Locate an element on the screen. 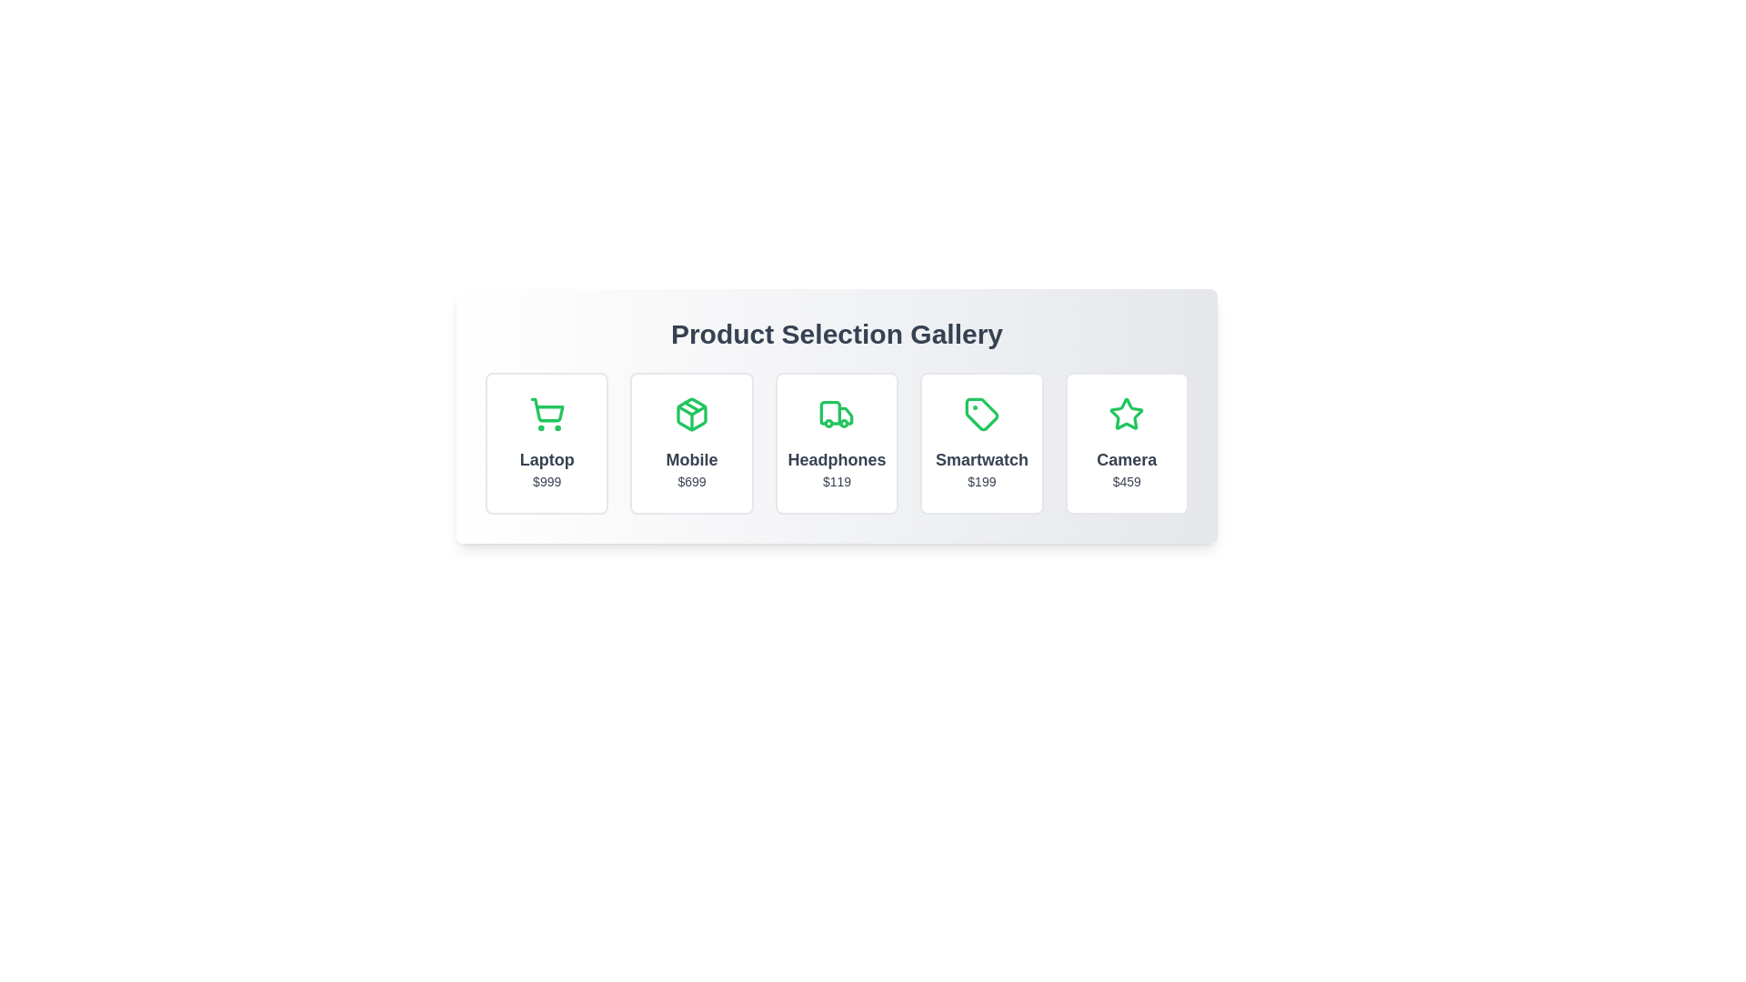  text label 'Headphones$119' which identifies the product in the product selection interface is located at coordinates (836, 458).